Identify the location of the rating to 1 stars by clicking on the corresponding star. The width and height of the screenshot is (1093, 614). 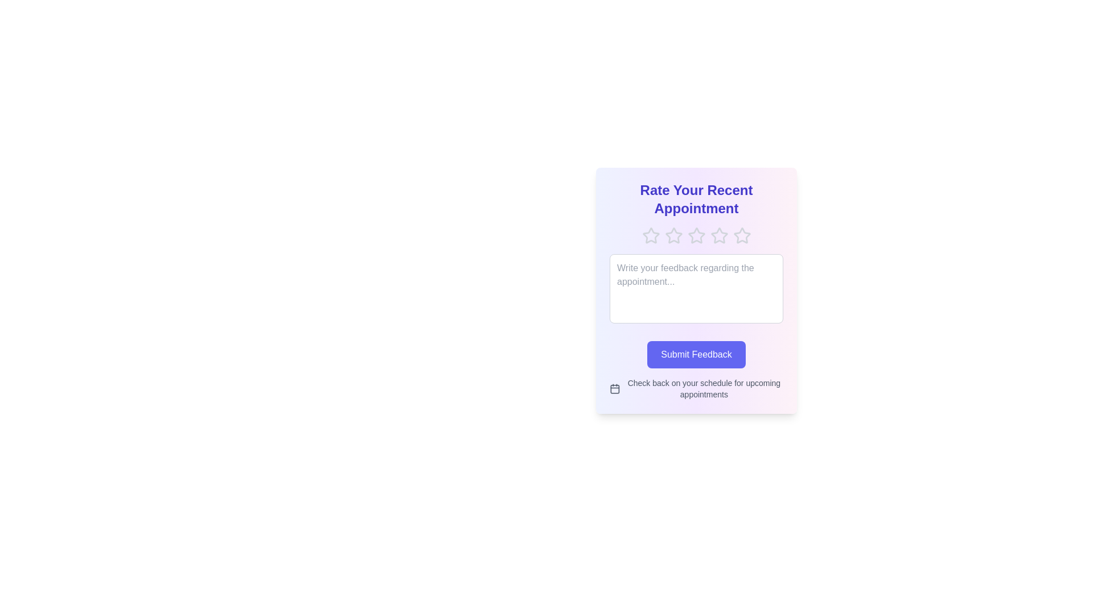
(651, 235).